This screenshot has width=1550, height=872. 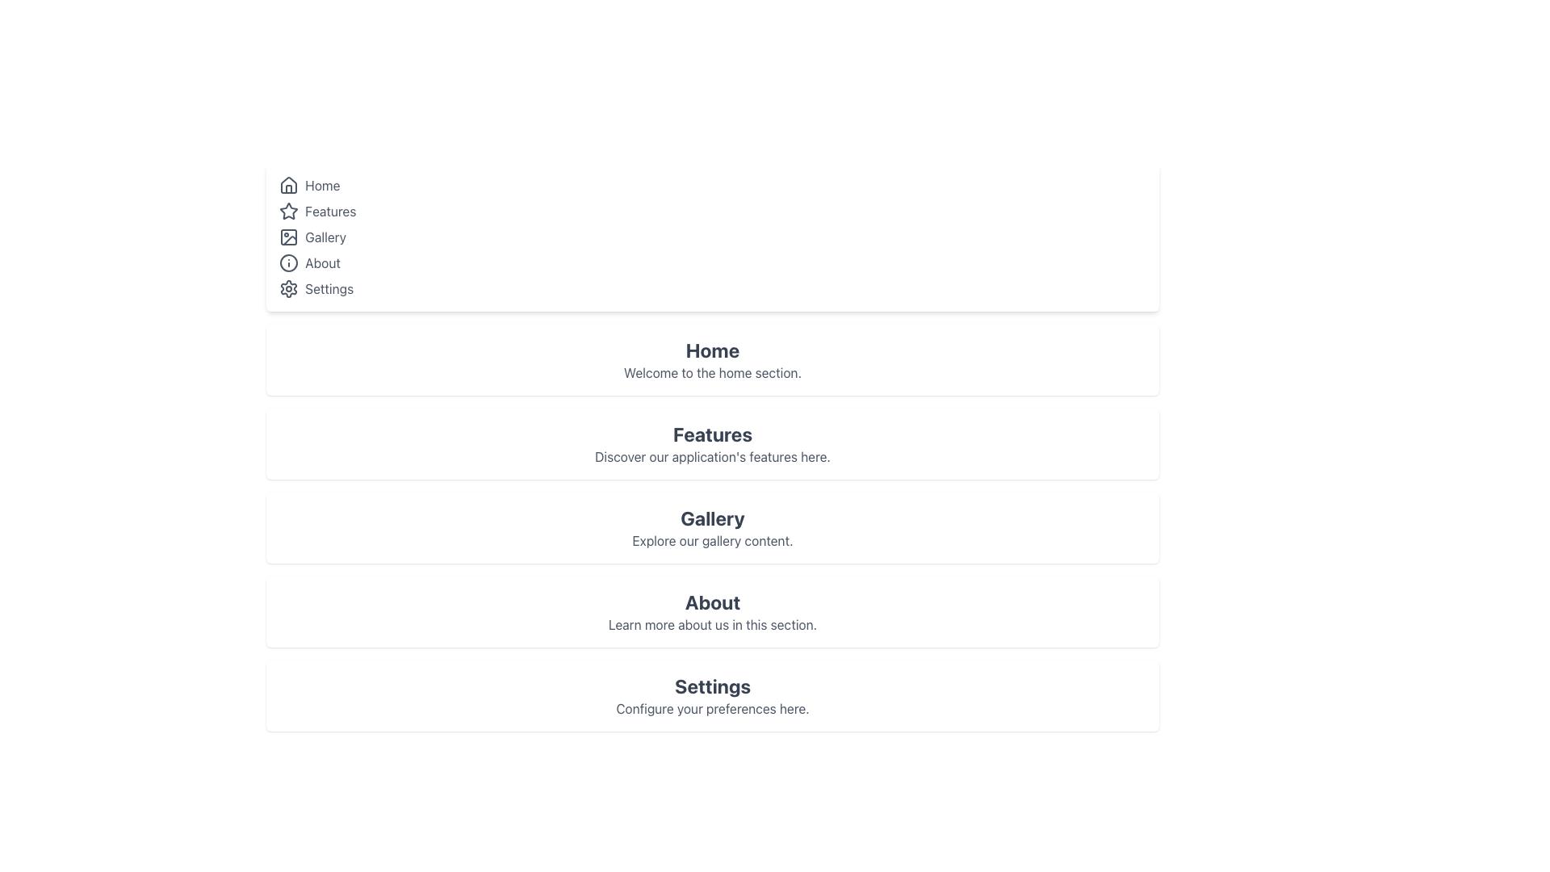 What do you see at coordinates (712, 518) in the screenshot?
I see `heading text element labeled 'Gallery' which is bold and larger in font size, located in the center panel above the supporting text 'Explore our gallery content.'` at bounding box center [712, 518].